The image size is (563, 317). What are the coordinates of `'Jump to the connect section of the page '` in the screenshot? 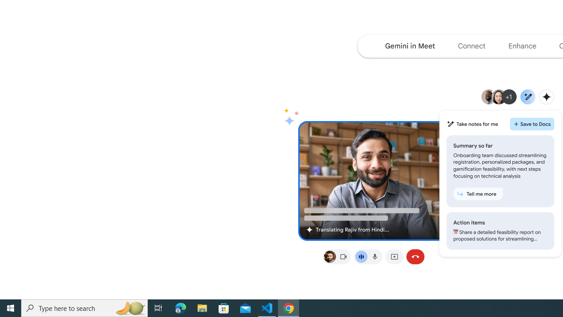 It's located at (471, 46).